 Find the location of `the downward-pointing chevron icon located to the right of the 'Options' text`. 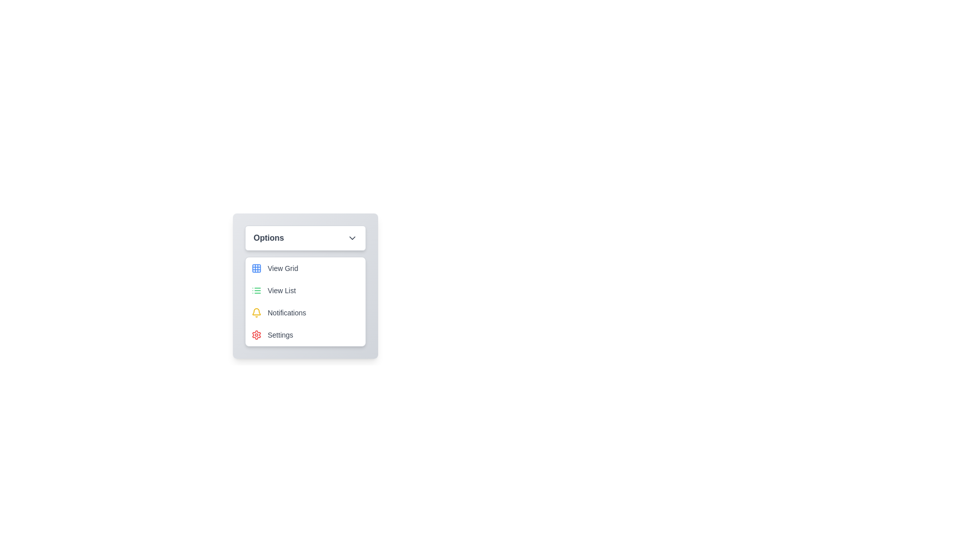

the downward-pointing chevron icon located to the right of the 'Options' text is located at coordinates (352, 238).